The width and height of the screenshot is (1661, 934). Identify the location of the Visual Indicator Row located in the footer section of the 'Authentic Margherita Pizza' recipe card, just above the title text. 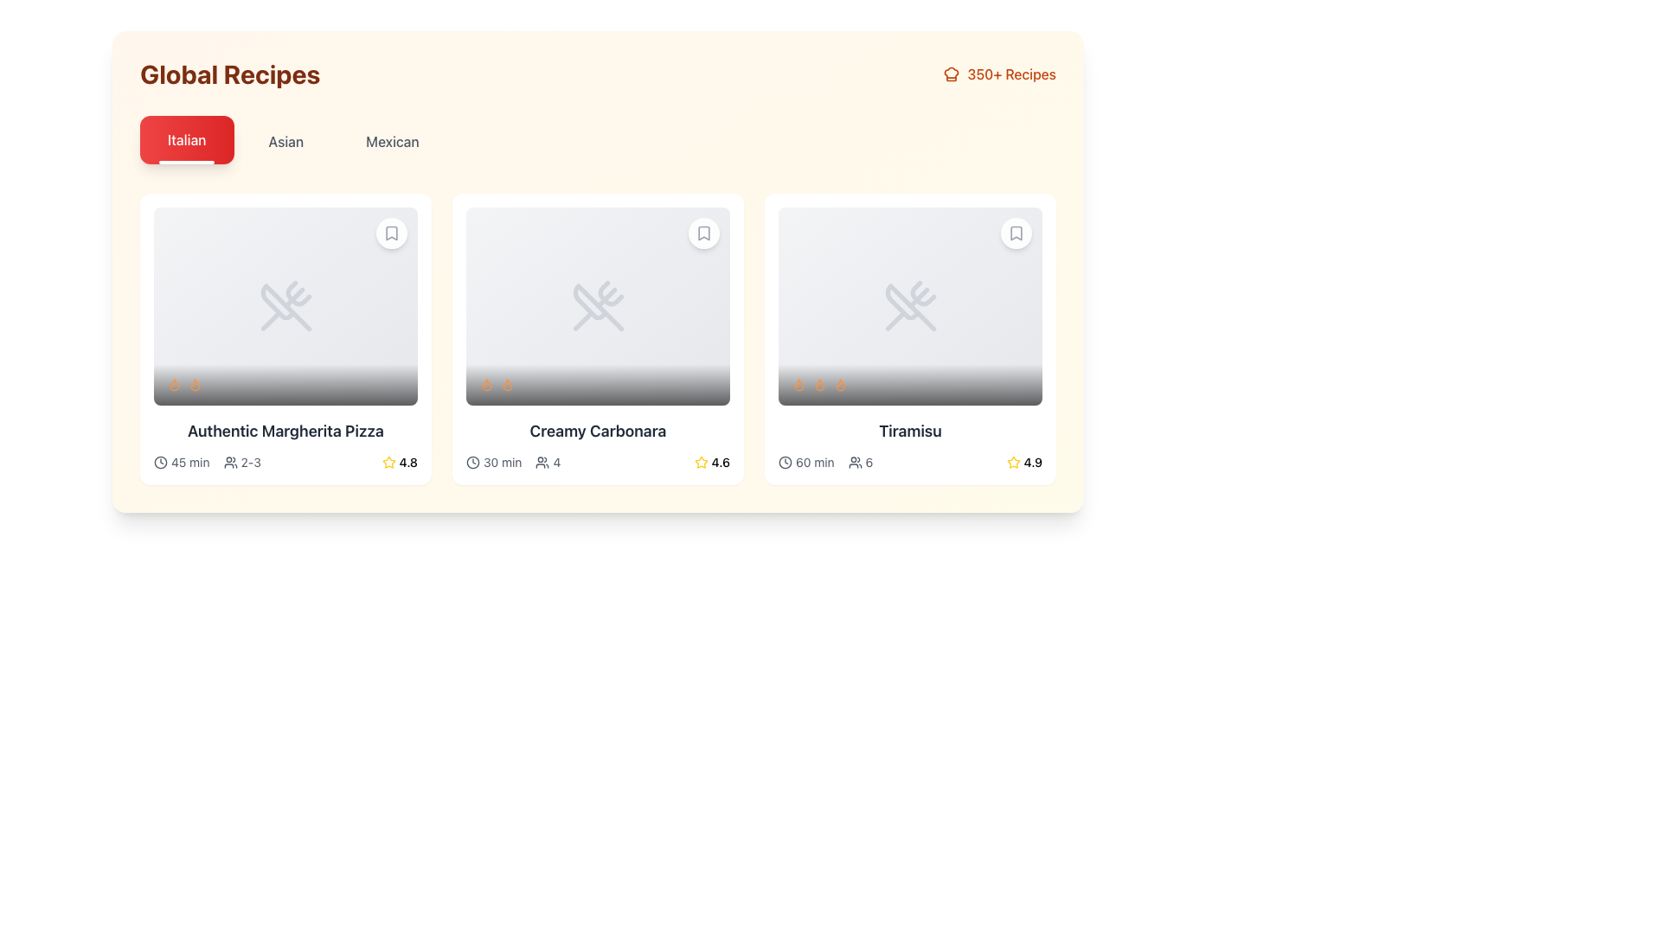
(285, 383).